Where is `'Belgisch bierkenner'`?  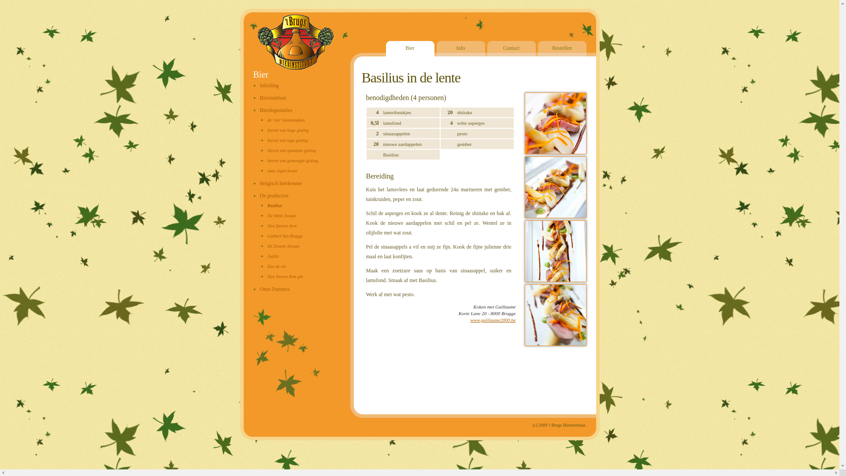 'Belgisch bierkenner' is located at coordinates (277, 183).